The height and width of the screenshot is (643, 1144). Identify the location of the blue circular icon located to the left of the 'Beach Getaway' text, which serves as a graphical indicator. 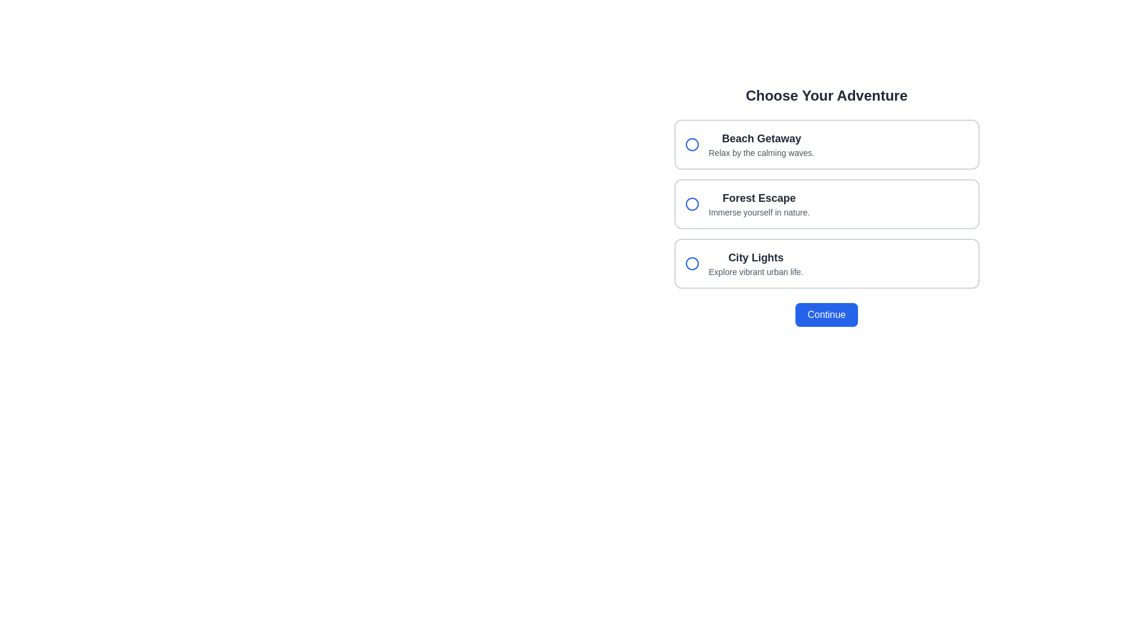
(692, 144).